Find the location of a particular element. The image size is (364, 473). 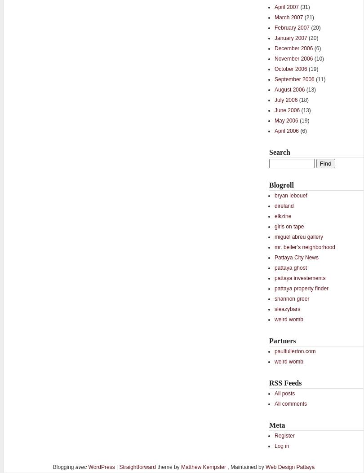

'shannon greer' is located at coordinates (291, 299).